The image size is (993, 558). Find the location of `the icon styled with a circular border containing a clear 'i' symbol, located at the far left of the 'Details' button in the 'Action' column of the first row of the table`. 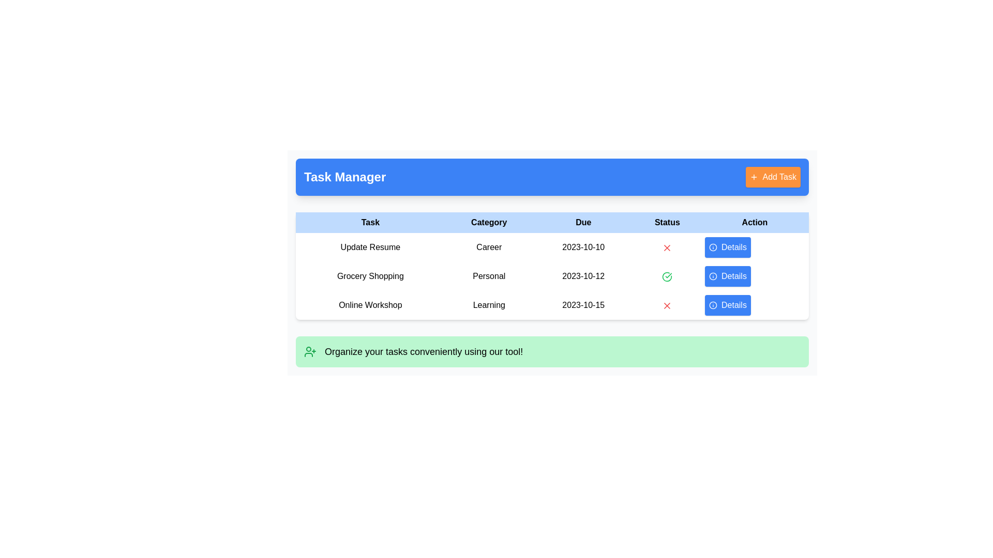

the icon styled with a circular border containing a clear 'i' symbol, located at the far left of the 'Details' button in the 'Action' column of the first row of the table is located at coordinates (712, 247).